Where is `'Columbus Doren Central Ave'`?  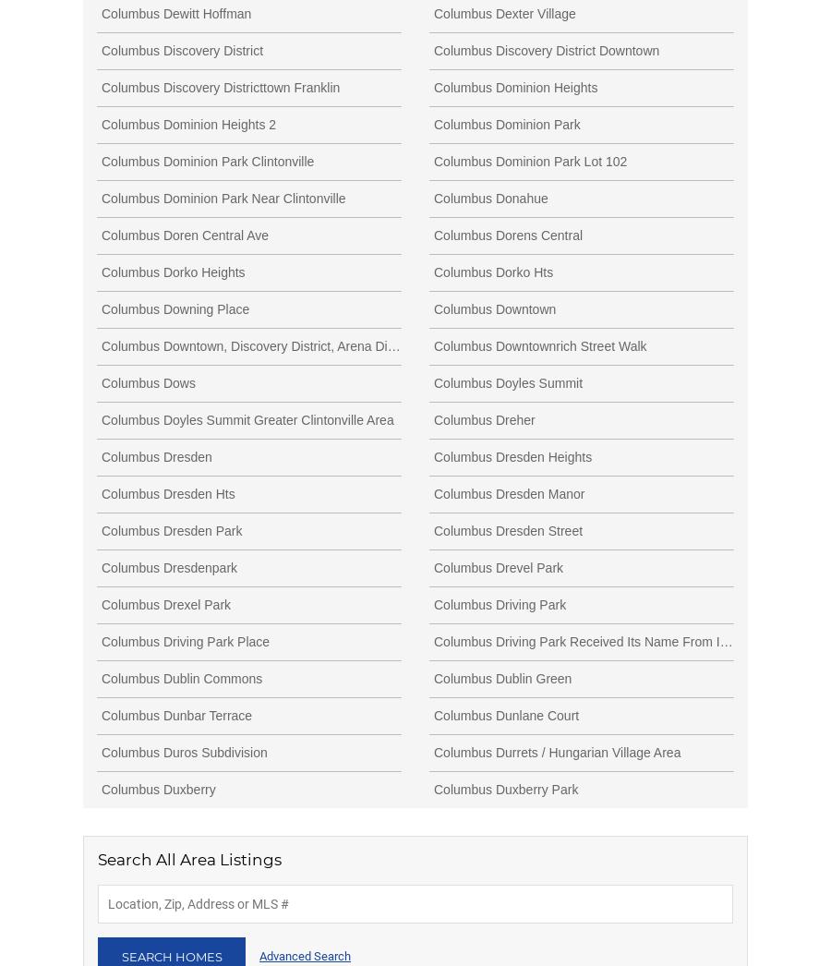
'Columbus Doren Central Ave' is located at coordinates (185, 233).